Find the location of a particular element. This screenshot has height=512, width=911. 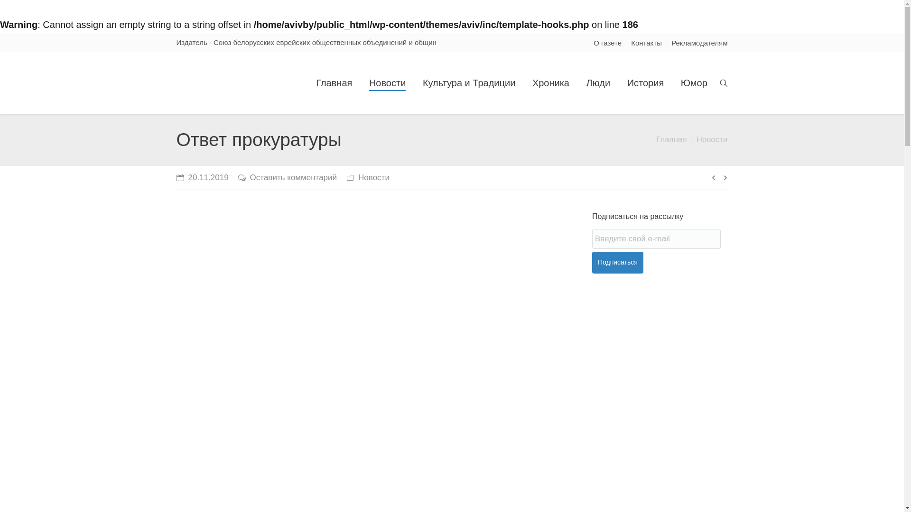

'Go!' is located at coordinates (11, 8).